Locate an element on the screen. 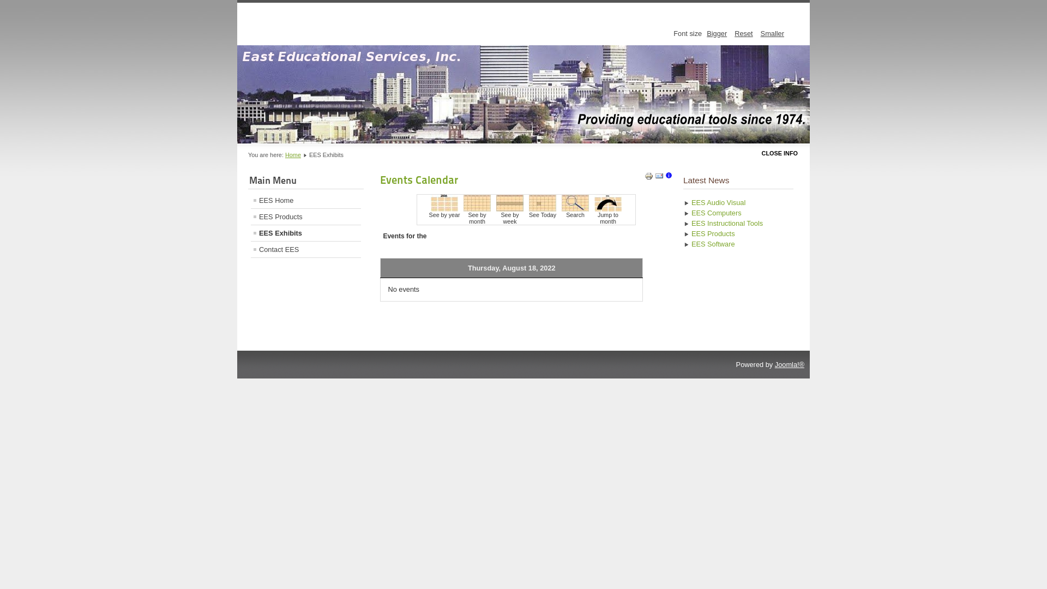 Image resolution: width=1047 pixels, height=589 pixels. 'Reset' is located at coordinates (743, 33).